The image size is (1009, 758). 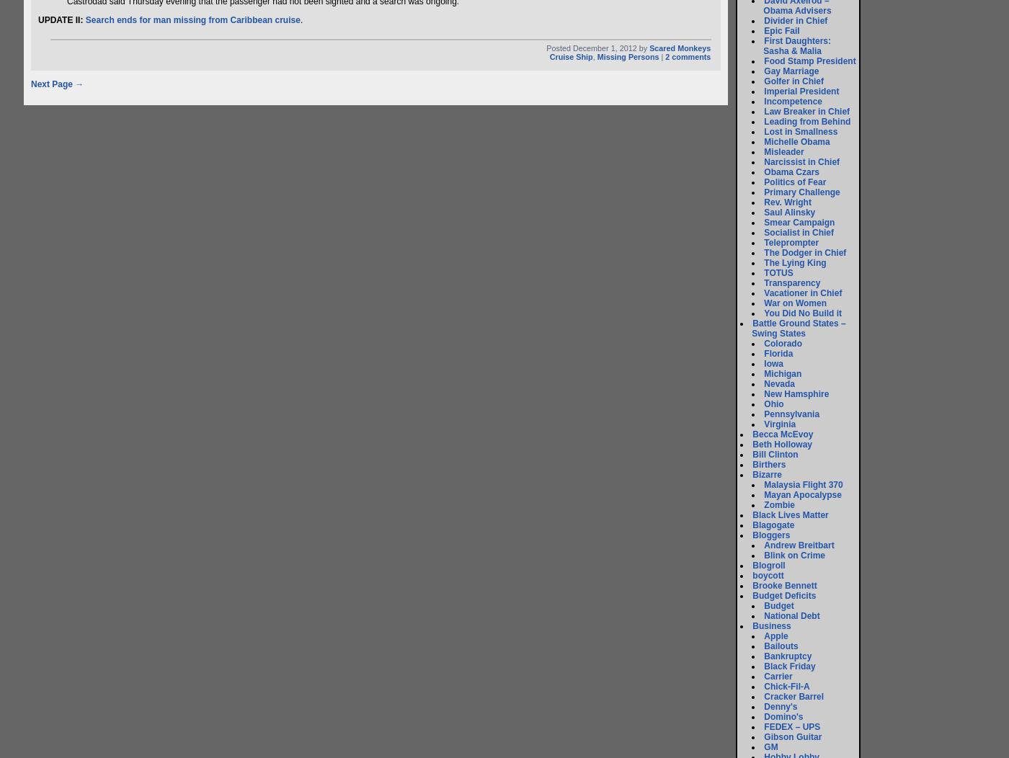 I want to click on 'Domino's', so click(x=783, y=716).